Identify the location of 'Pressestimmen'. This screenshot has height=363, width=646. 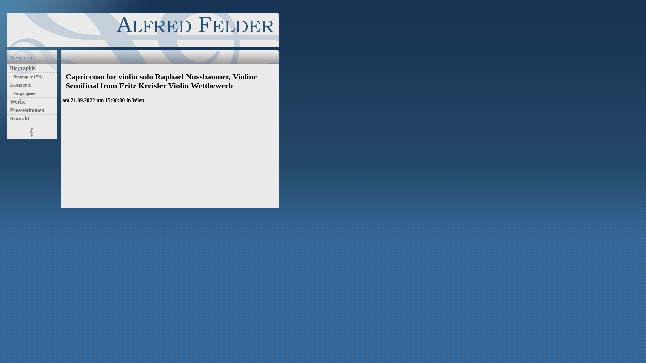
(6, 110).